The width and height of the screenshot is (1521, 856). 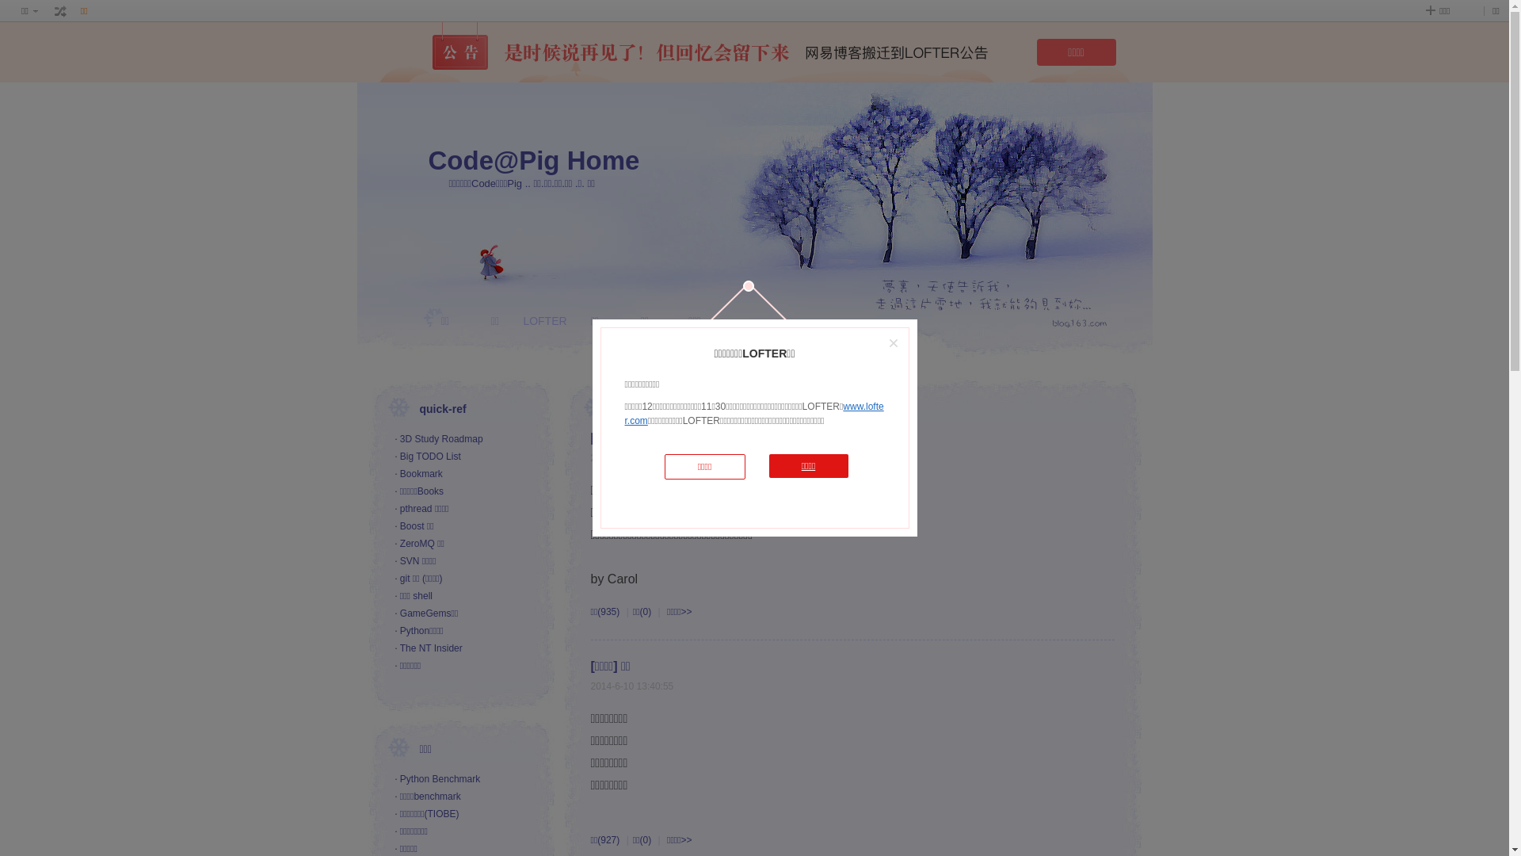 What do you see at coordinates (440, 778) in the screenshot?
I see `'Python Benchmark'` at bounding box center [440, 778].